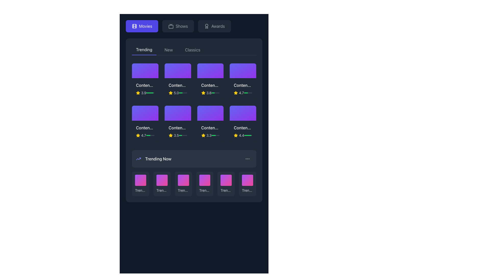 This screenshot has width=490, height=275. What do you see at coordinates (171, 26) in the screenshot?
I see `the 'Shows' icon in the top navigation bar` at bounding box center [171, 26].